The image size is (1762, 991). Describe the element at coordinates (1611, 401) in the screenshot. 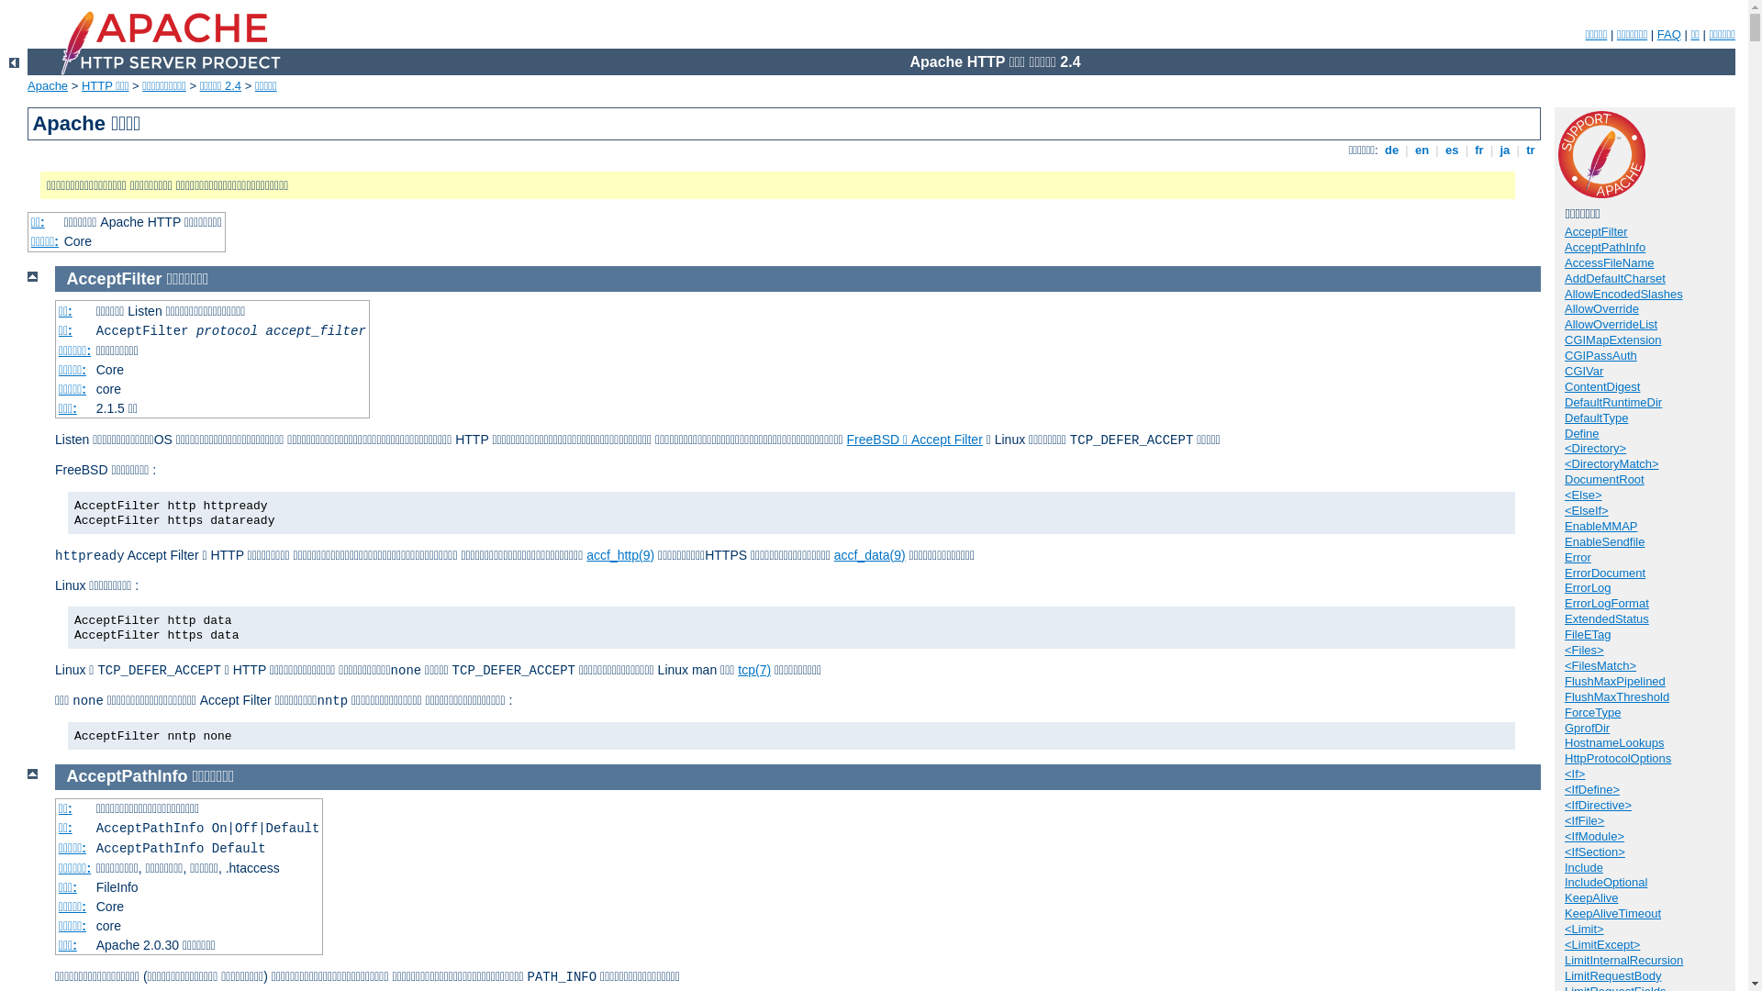

I see `'DefaultRuntimeDir'` at that location.